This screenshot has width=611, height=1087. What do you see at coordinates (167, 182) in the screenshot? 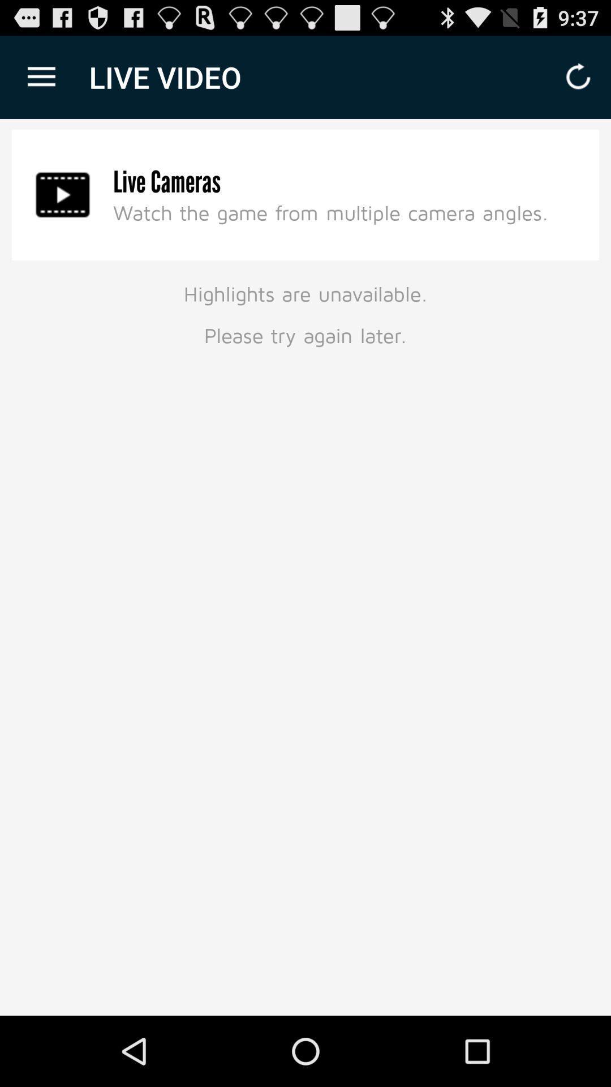
I see `the live cameras` at bounding box center [167, 182].